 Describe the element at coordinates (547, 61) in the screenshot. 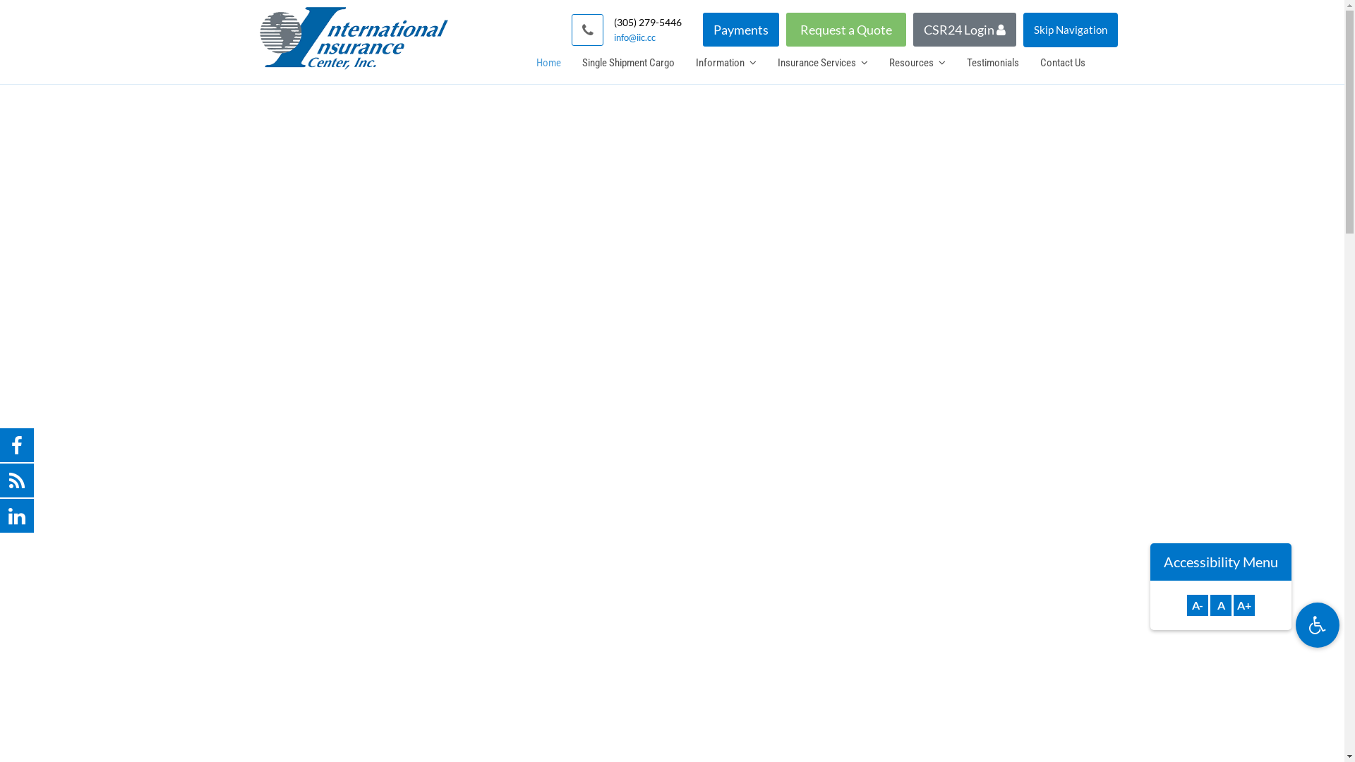

I see `'Home'` at that location.